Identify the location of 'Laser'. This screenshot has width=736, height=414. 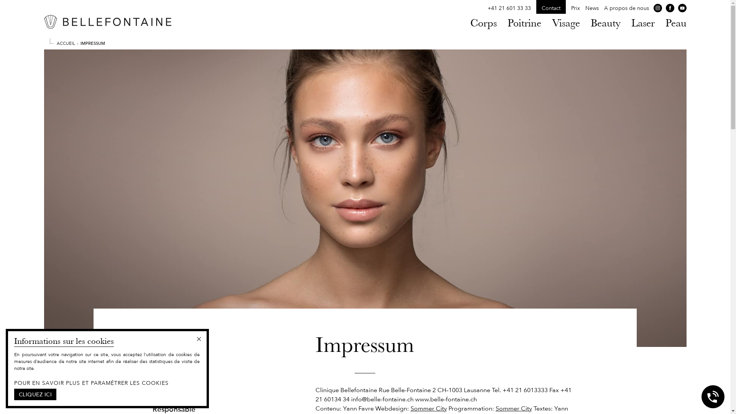
(642, 23).